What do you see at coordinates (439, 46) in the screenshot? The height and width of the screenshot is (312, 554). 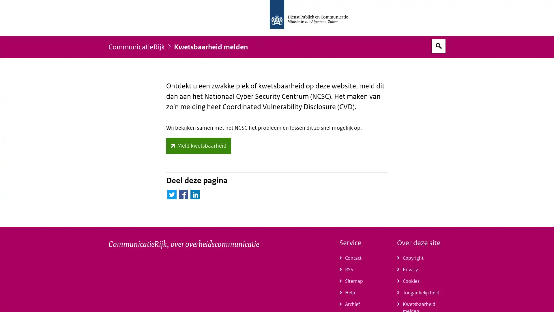 I see `Open zoekveld` at bounding box center [439, 46].